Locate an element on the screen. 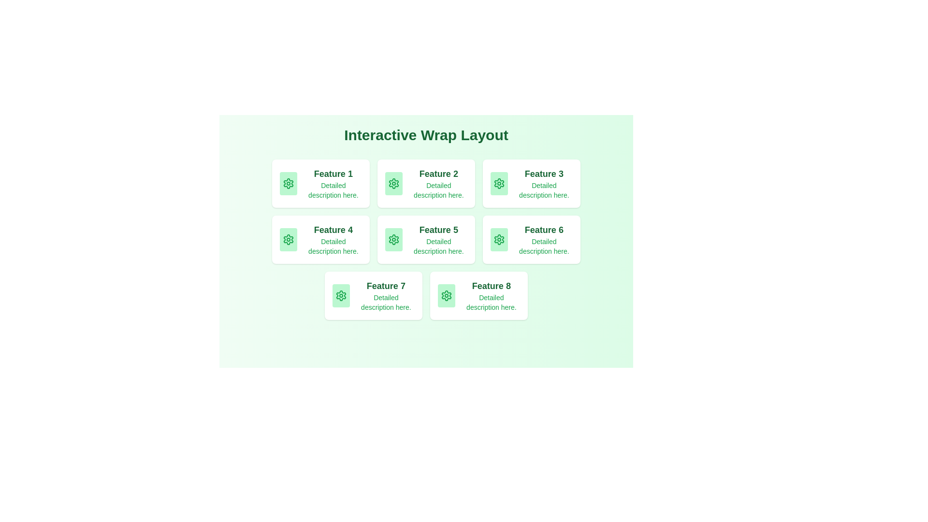  the settings icon located to the left of the textual description inside the card labeled 'Feature 6' in the third column of the second row is located at coordinates (499, 239).